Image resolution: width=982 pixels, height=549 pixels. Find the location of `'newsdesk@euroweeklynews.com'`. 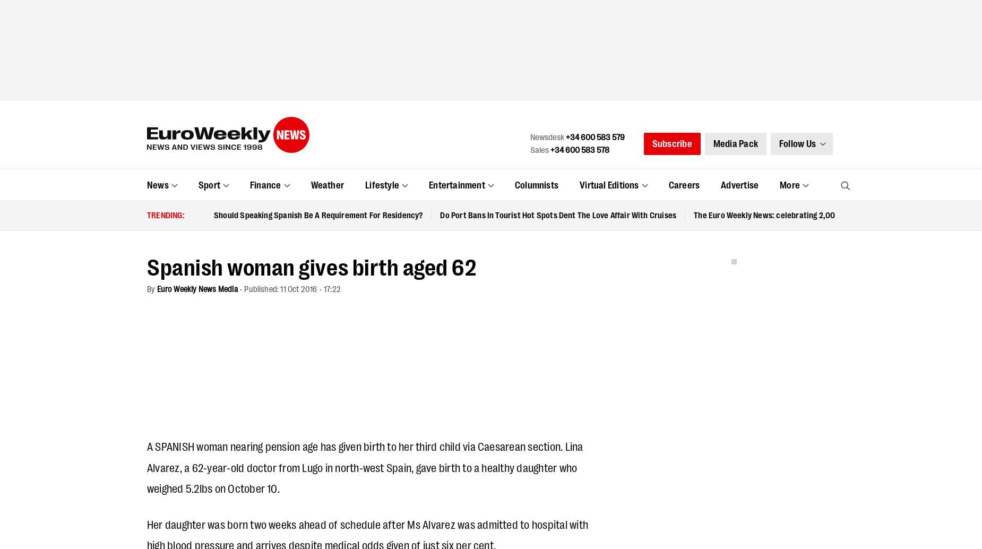

'newsdesk@euroweeklynews.com' is located at coordinates (411, 230).